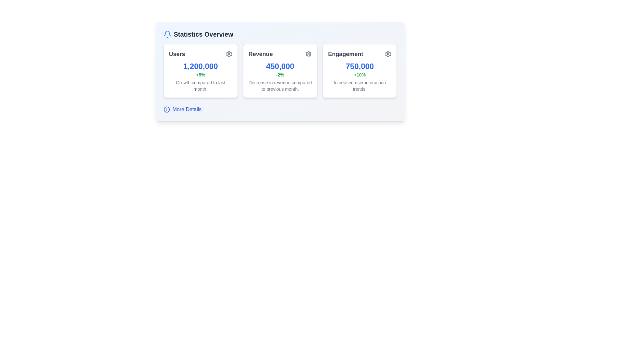 The image size is (623, 350). Describe the element at coordinates (359, 86) in the screenshot. I see `text content 'Increased user interaction trends.' located in the engagement metrics card below the '+10%' text and the engagement count '750,000'` at that location.